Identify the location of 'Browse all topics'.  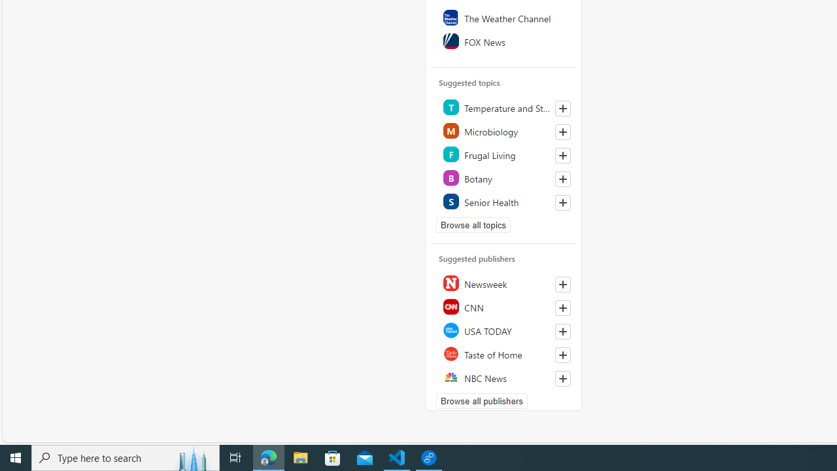
(473, 224).